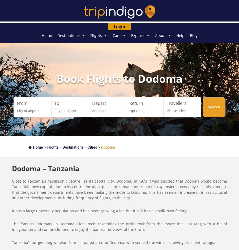  What do you see at coordinates (137, 35) in the screenshot?
I see `'Explore'` at bounding box center [137, 35].